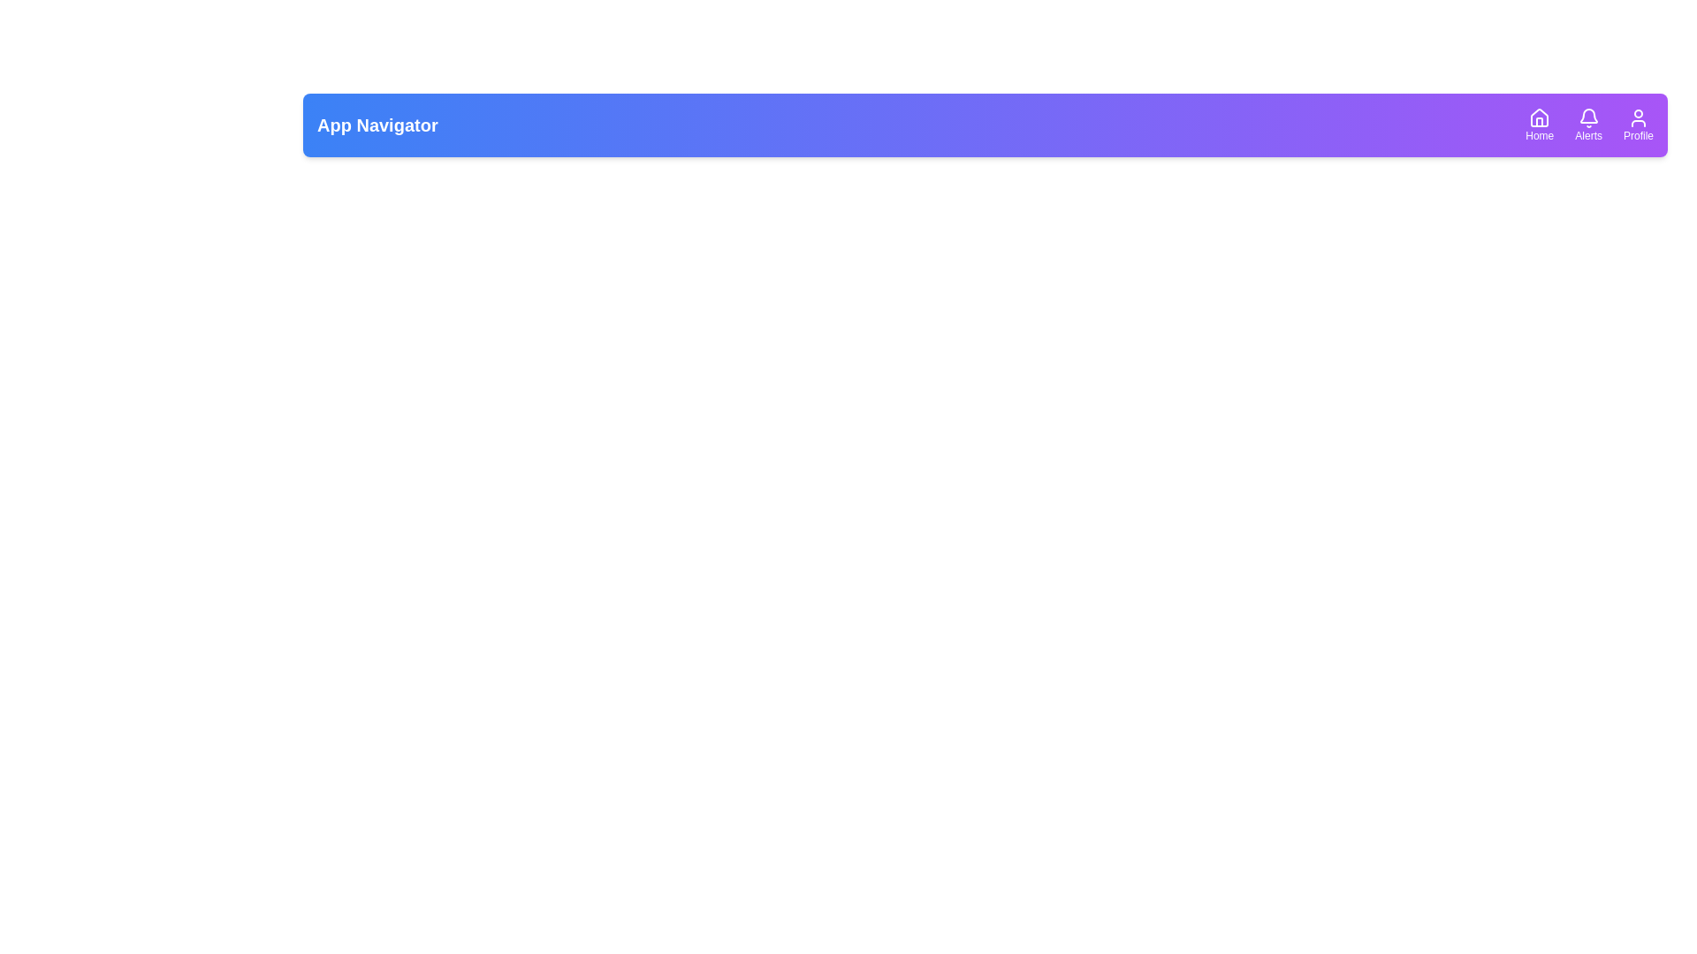 The image size is (1697, 954). Describe the element at coordinates (1539, 118) in the screenshot. I see `the house icon located in the top-right section of the navigation bar, which is displayed in white against a purple background and is part of the 'Home' button` at that location.